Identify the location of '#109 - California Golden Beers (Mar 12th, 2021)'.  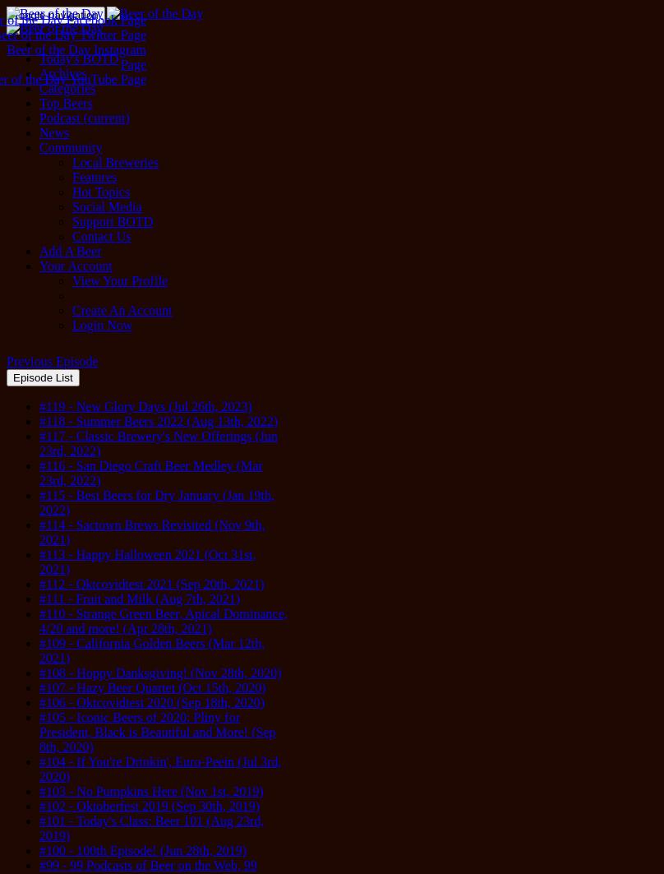
(151, 650).